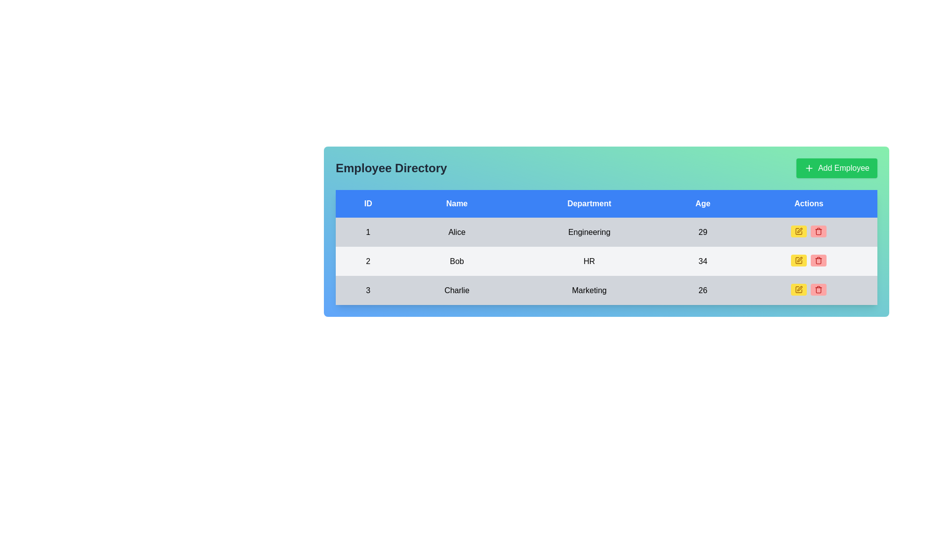 The width and height of the screenshot is (948, 533). Describe the element at coordinates (606, 261) in the screenshot. I see `the second row of the Employee Directory table which contains one employee's information, located between the rows for 'Alice' and 'Charlie'` at that location.